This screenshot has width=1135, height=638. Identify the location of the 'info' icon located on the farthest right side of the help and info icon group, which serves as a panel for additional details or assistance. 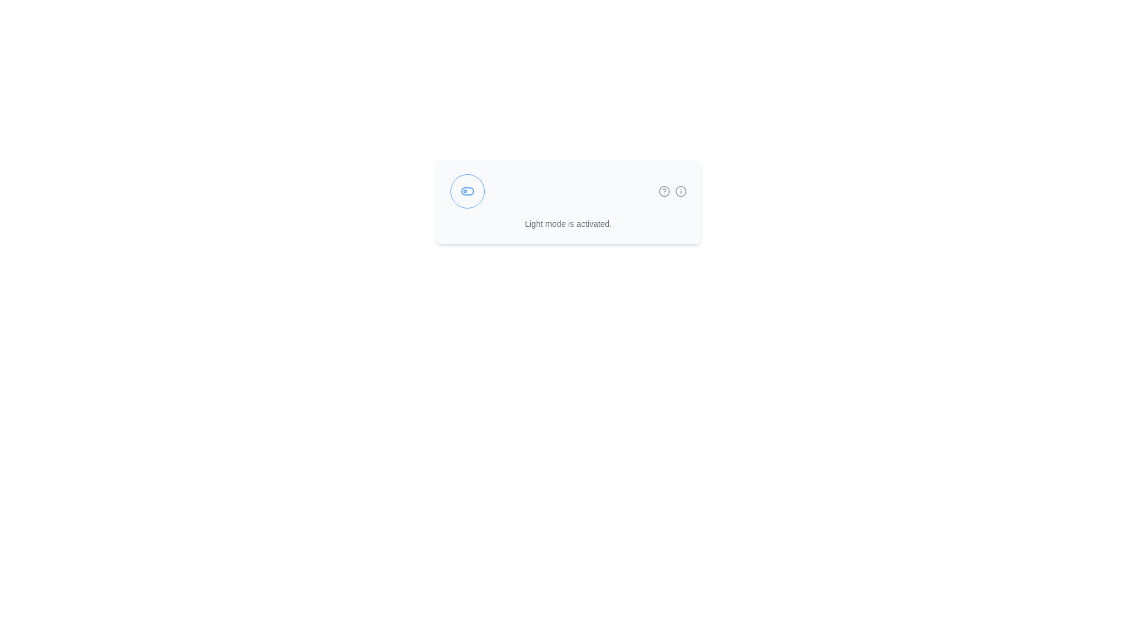
(672, 191).